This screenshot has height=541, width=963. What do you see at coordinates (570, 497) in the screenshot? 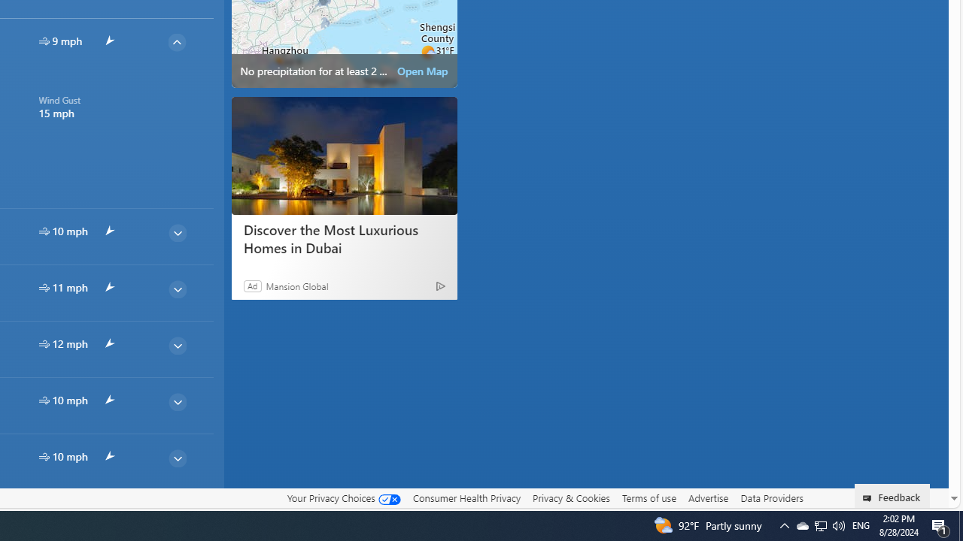
I see `'Privacy & Cookies'` at bounding box center [570, 497].